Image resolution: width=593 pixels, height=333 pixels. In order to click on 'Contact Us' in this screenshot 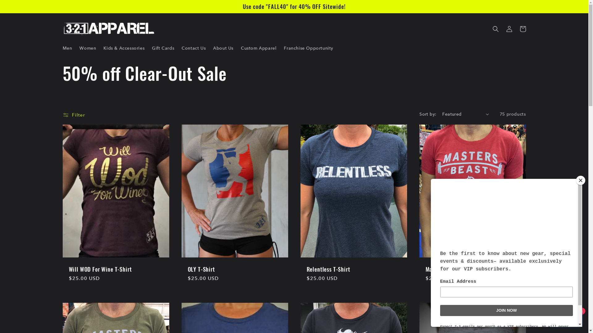, I will do `click(193, 47)`.